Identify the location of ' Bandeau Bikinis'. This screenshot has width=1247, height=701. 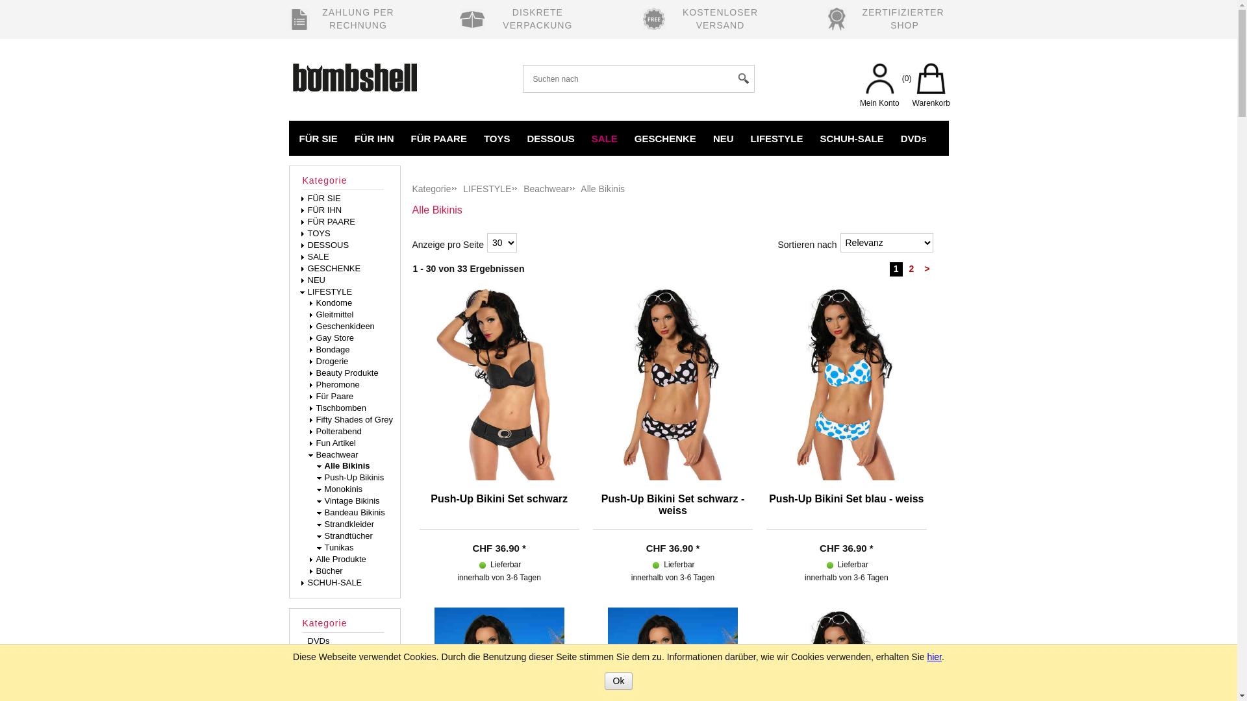
(355, 511).